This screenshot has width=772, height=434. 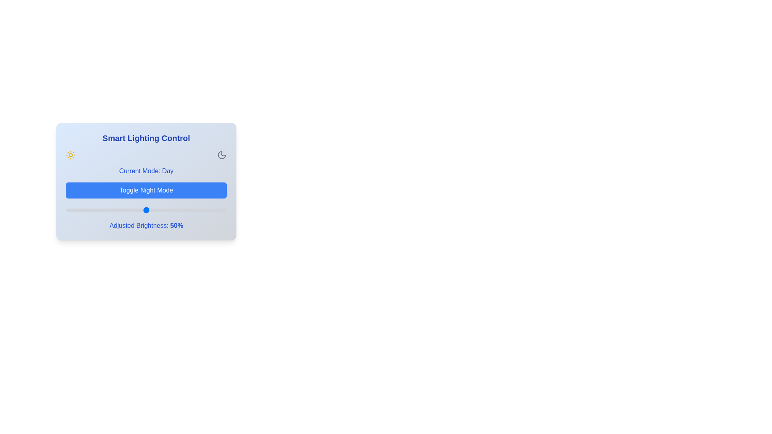 What do you see at coordinates (218, 210) in the screenshot?
I see `the brightness level` at bounding box center [218, 210].